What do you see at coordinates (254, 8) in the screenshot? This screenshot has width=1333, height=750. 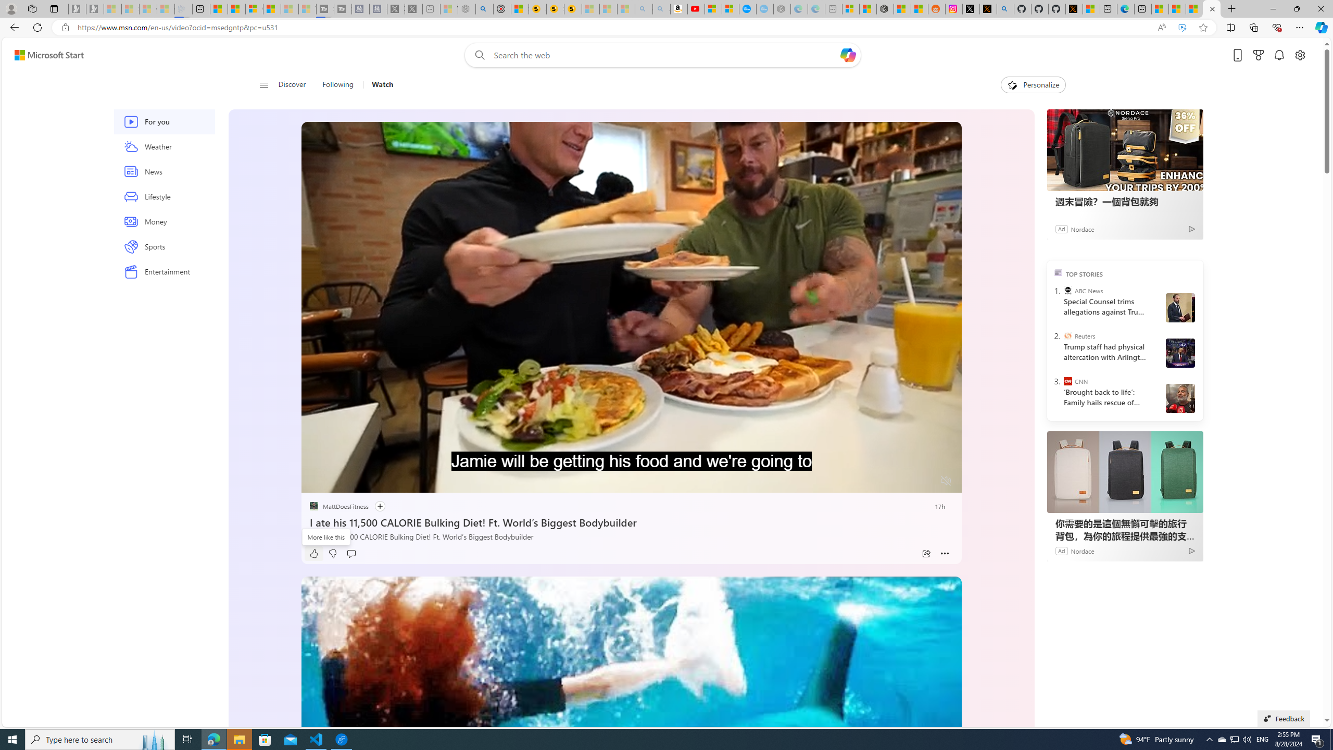 I see `'Overview'` at bounding box center [254, 8].